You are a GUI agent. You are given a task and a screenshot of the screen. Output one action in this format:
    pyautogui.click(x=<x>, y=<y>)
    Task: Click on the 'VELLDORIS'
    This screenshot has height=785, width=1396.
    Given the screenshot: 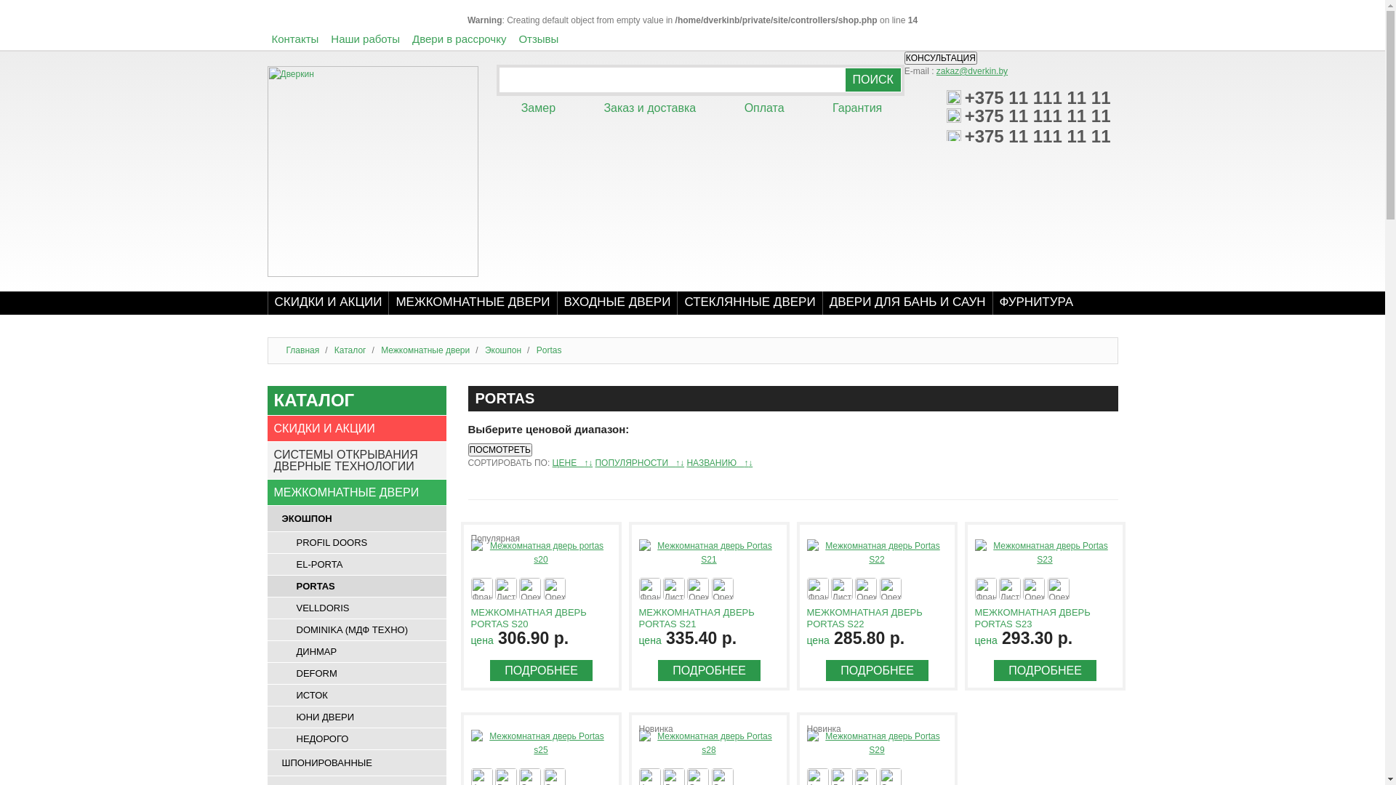 What is the action you would take?
    pyautogui.click(x=356, y=608)
    